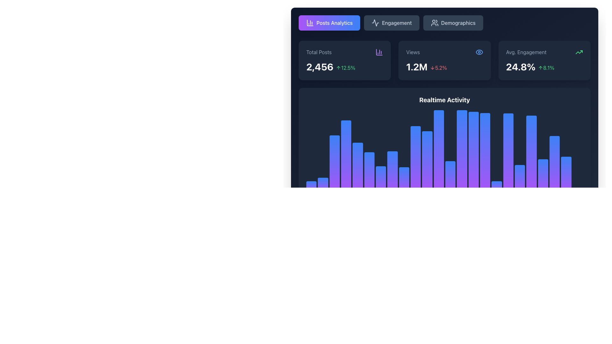  What do you see at coordinates (444, 100) in the screenshot?
I see `the 'Realtime Activity' text label` at bounding box center [444, 100].